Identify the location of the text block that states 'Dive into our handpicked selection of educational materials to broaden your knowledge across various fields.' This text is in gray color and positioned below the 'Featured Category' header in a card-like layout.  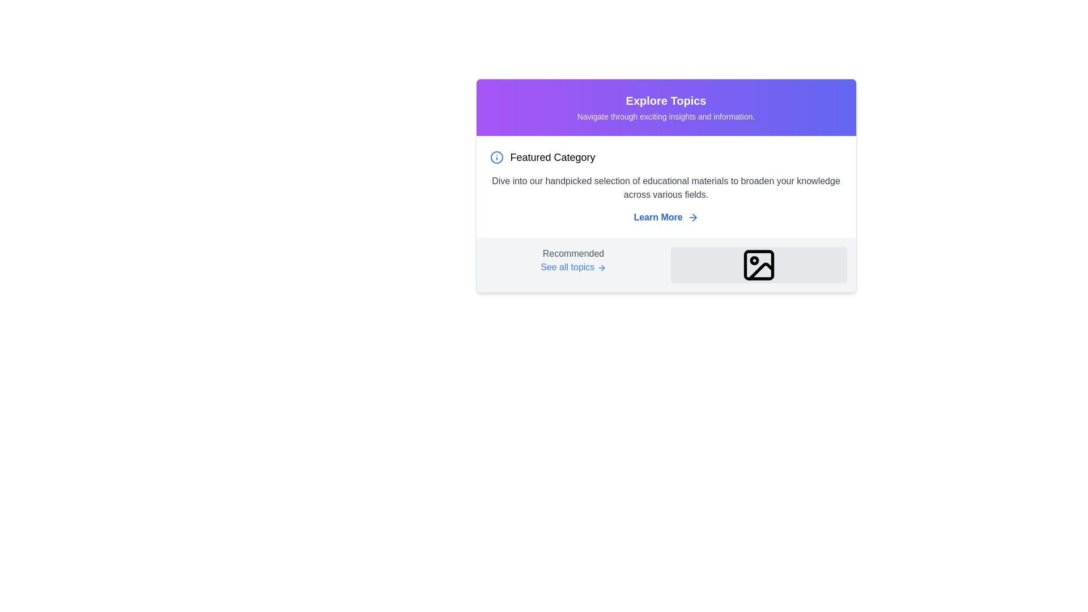
(666, 187).